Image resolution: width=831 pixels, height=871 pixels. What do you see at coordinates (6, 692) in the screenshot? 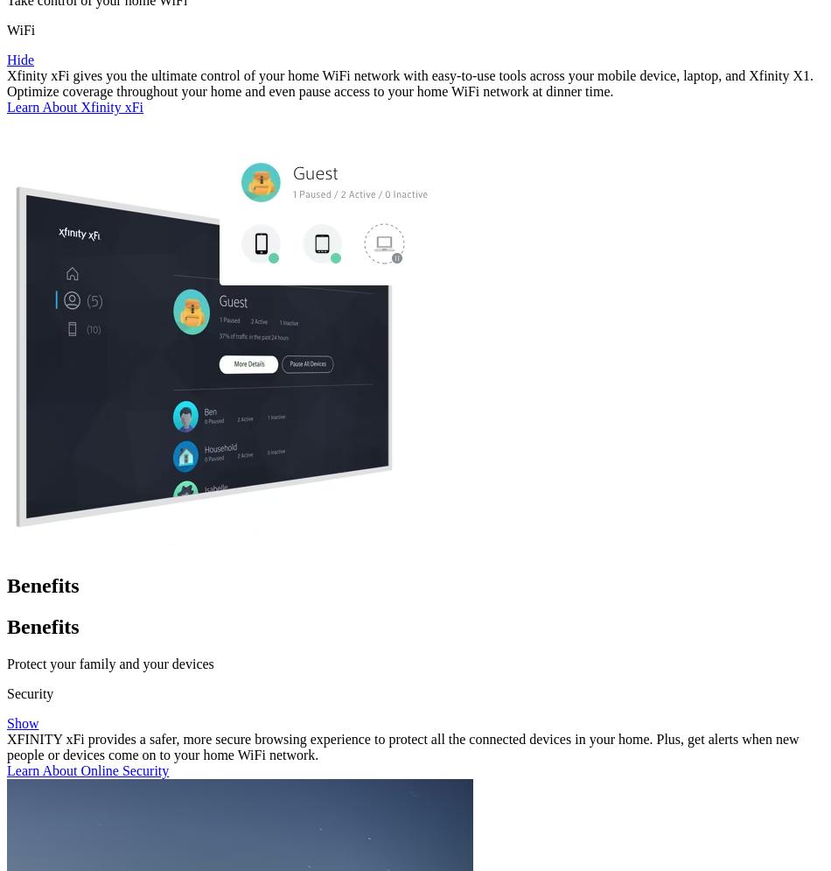
I see `'Security'` at bounding box center [6, 692].